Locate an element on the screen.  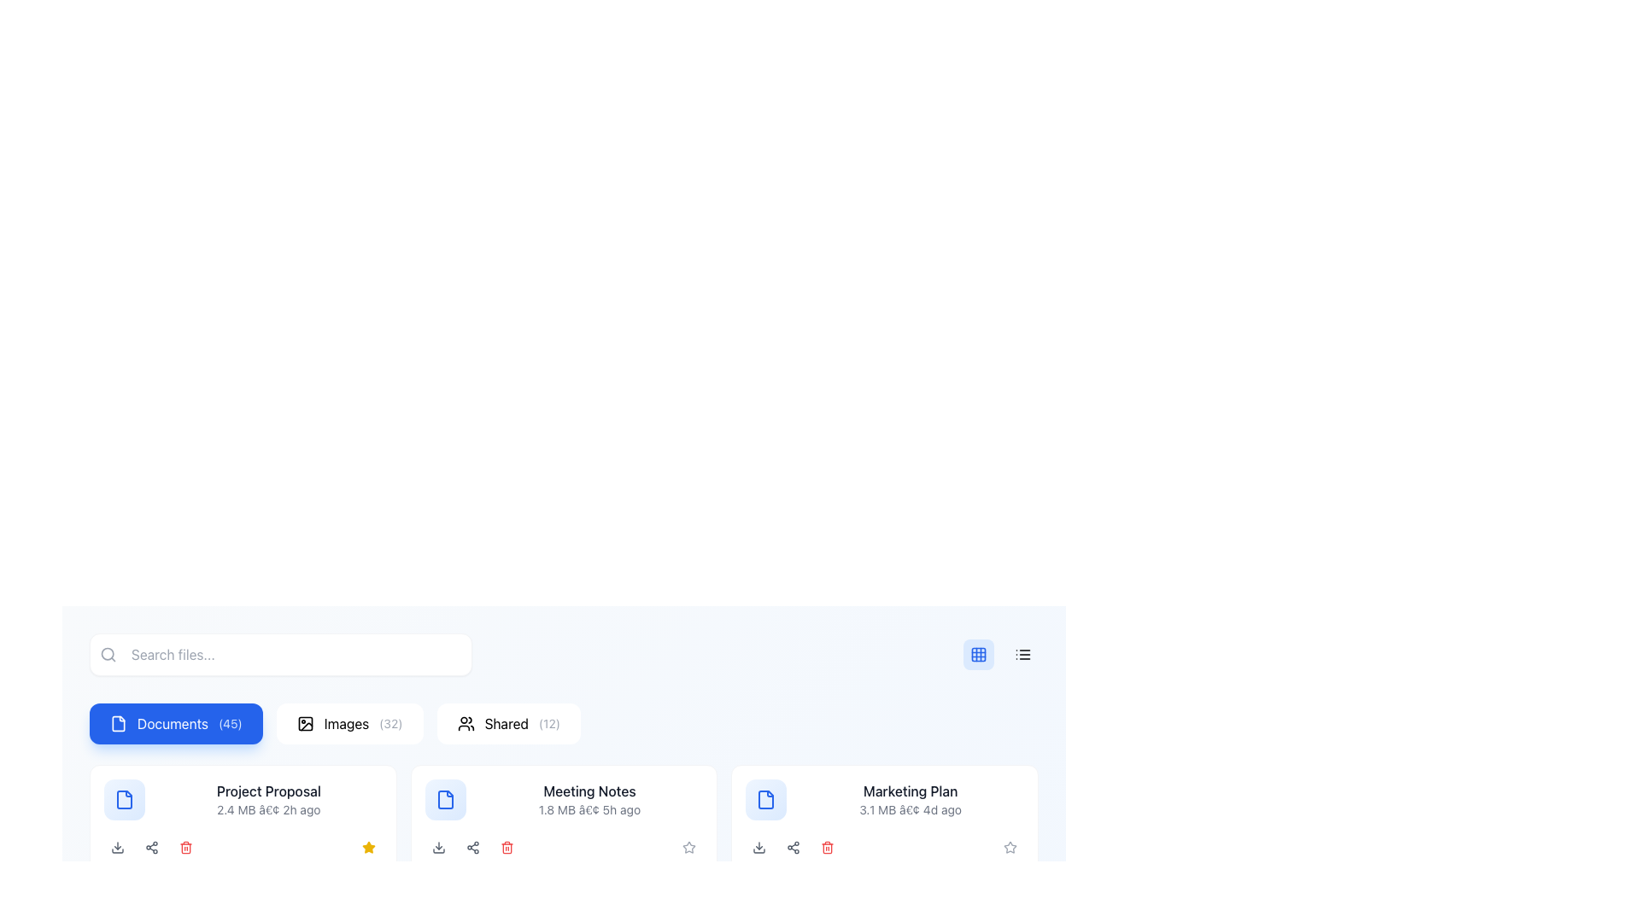
the share icon button, which is the second button in a row of three action buttons beneath the 'Project Proposal' card is located at coordinates (151, 847).